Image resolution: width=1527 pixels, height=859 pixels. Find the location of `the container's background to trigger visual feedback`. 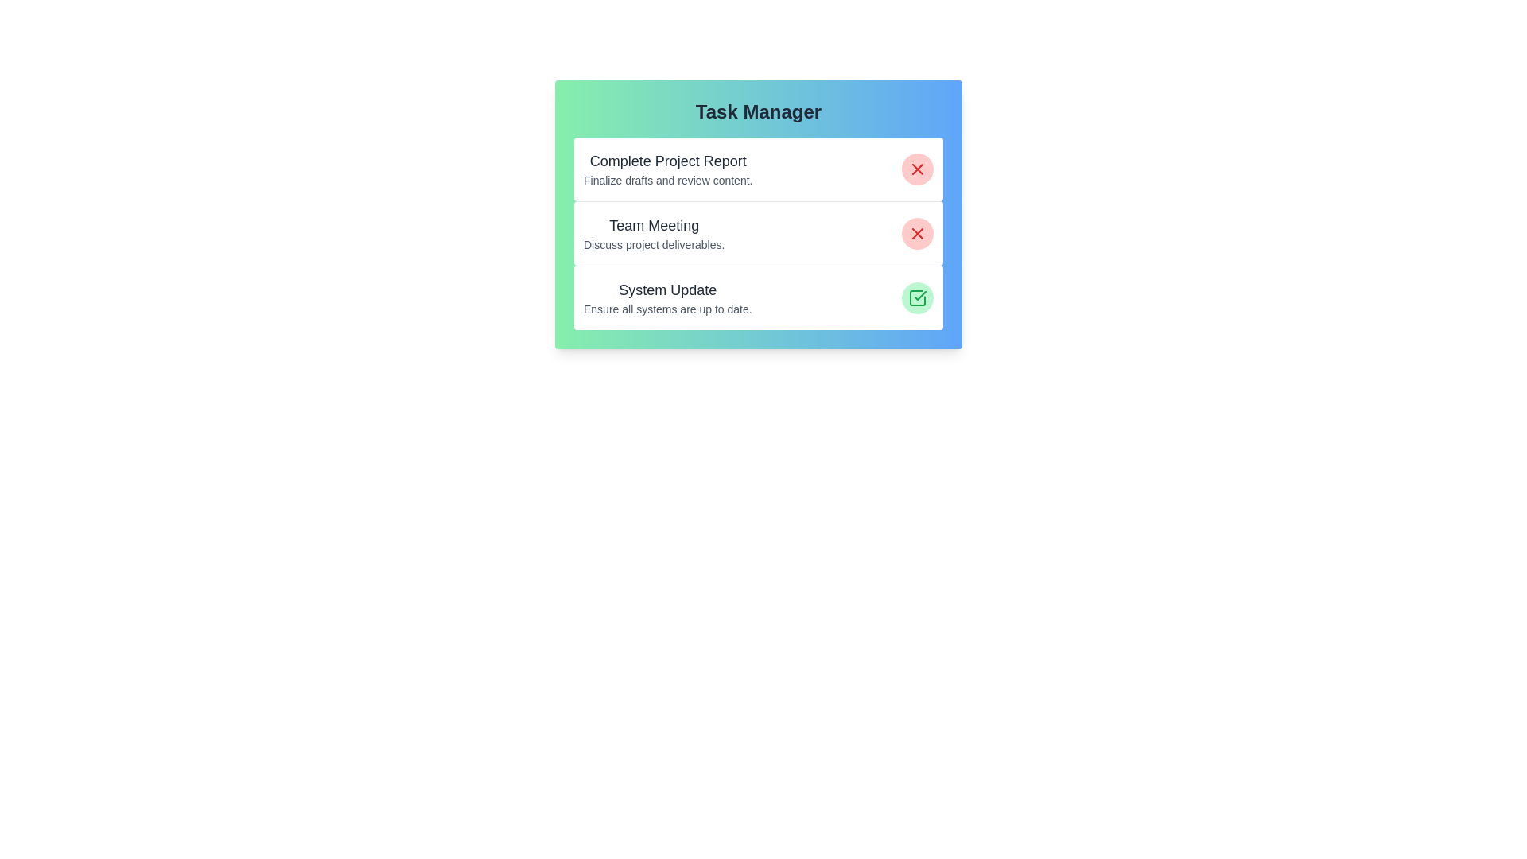

the container's background to trigger visual feedback is located at coordinates (758, 215).